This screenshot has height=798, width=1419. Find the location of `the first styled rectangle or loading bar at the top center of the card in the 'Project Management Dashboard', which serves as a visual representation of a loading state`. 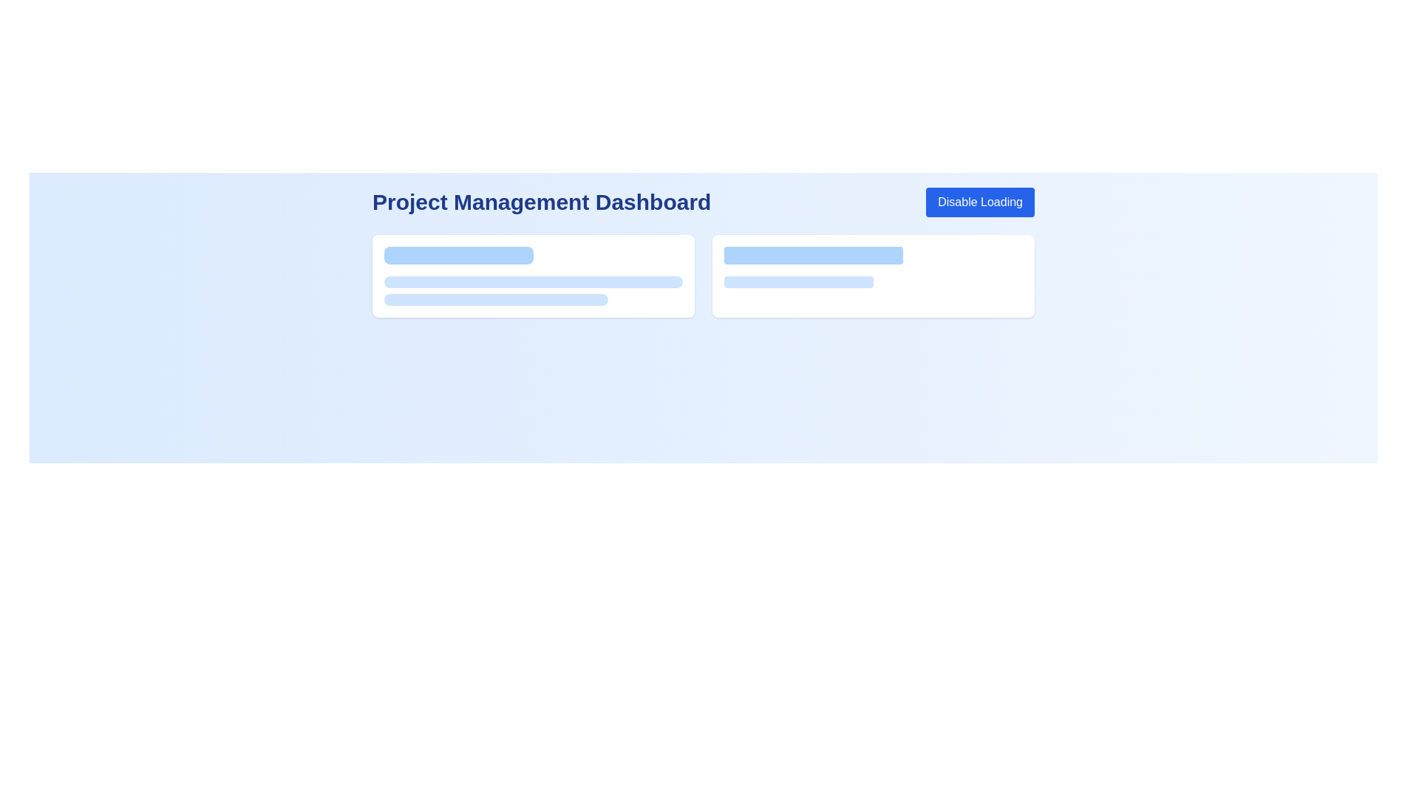

the first styled rectangle or loading bar at the top center of the card in the 'Project Management Dashboard', which serves as a visual representation of a loading state is located at coordinates (457, 255).